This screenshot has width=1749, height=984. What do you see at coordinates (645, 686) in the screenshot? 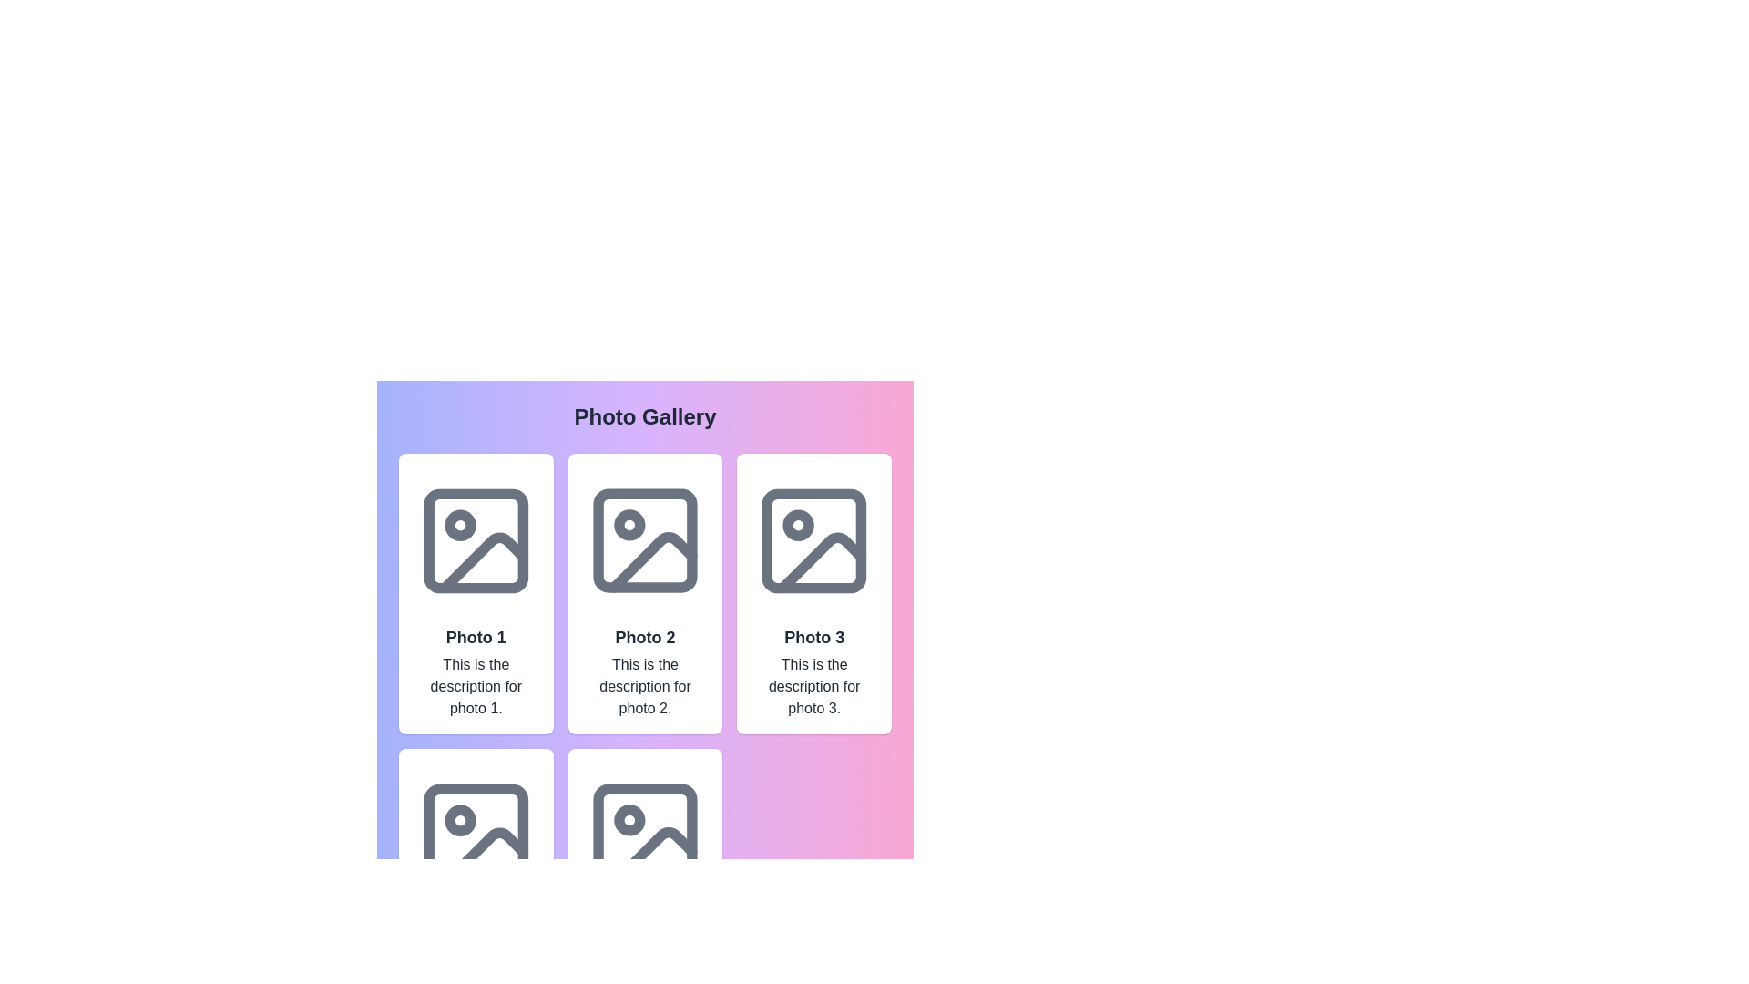
I see `text content of the Text Label located at the bottom of the 'Photo 2' card, which provides additional information about the photo` at bounding box center [645, 686].